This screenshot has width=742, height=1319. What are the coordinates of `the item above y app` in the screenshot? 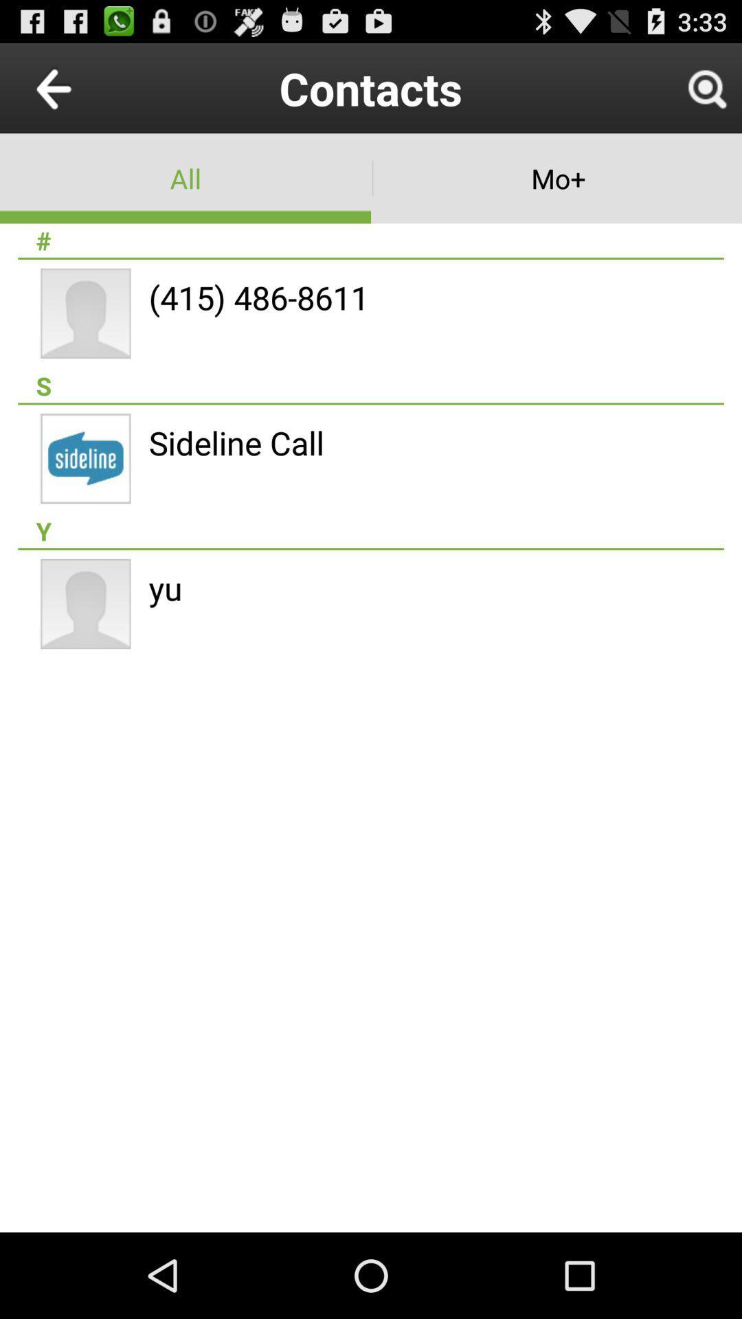 It's located at (236, 442).